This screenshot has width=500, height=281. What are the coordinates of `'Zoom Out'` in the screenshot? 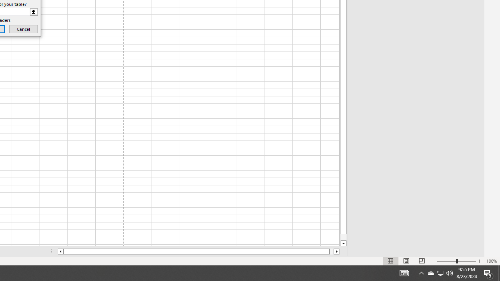 It's located at (446, 261).